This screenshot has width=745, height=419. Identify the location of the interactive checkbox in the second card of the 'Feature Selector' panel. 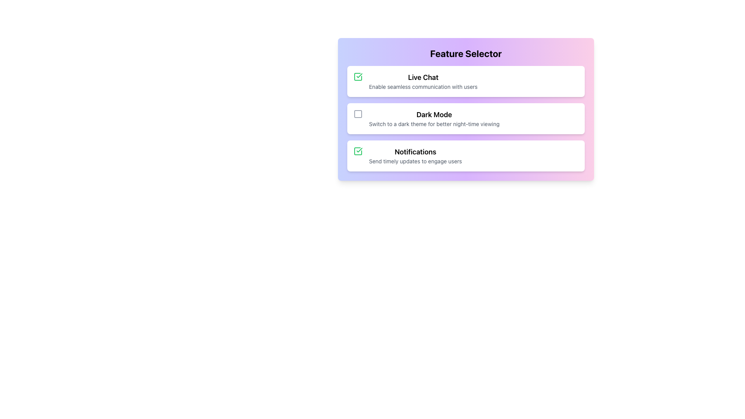
(466, 118).